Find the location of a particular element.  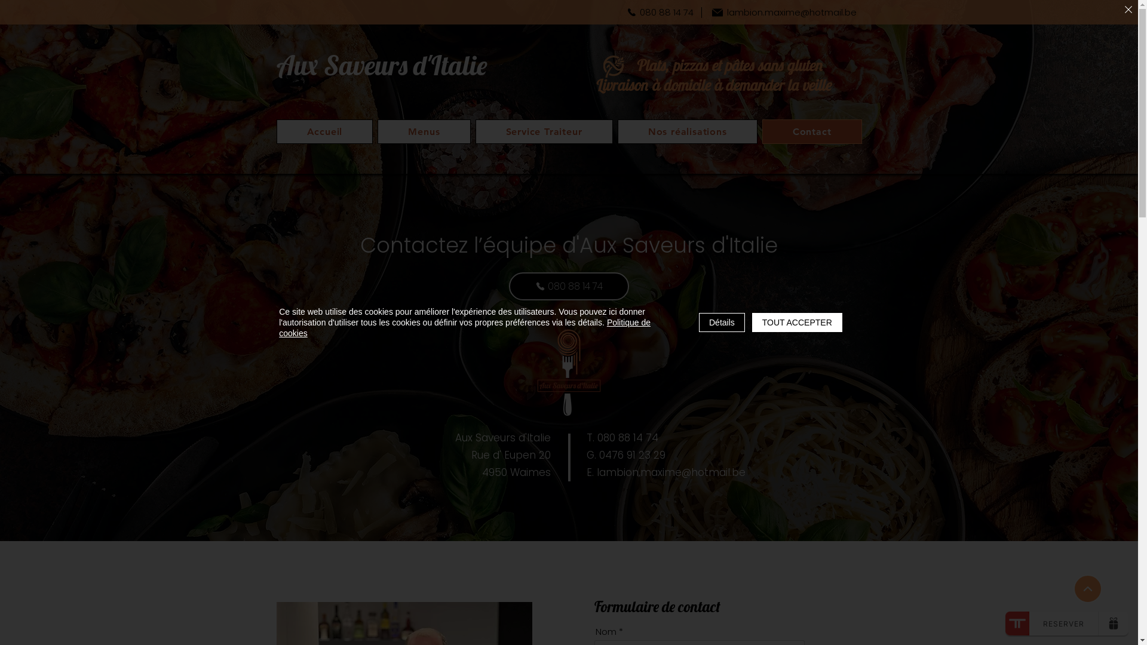

'TOUT ACCEPTER' is located at coordinates (797, 322).